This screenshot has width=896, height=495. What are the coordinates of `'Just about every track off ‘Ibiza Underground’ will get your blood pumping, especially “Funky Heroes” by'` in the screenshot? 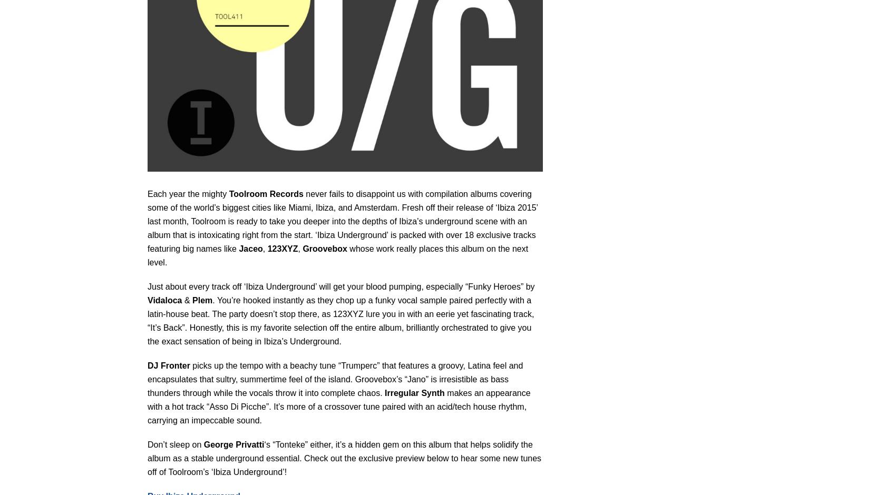 It's located at (147, 285).